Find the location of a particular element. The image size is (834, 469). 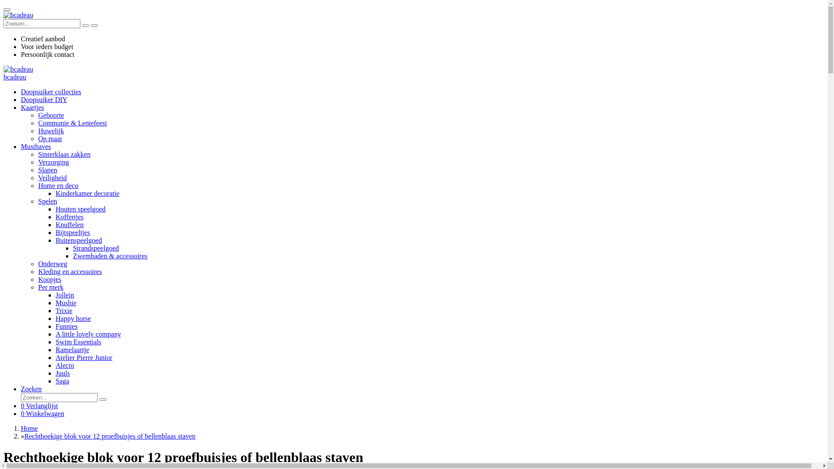

'bcadeau' is located at coordinates (14, 76).